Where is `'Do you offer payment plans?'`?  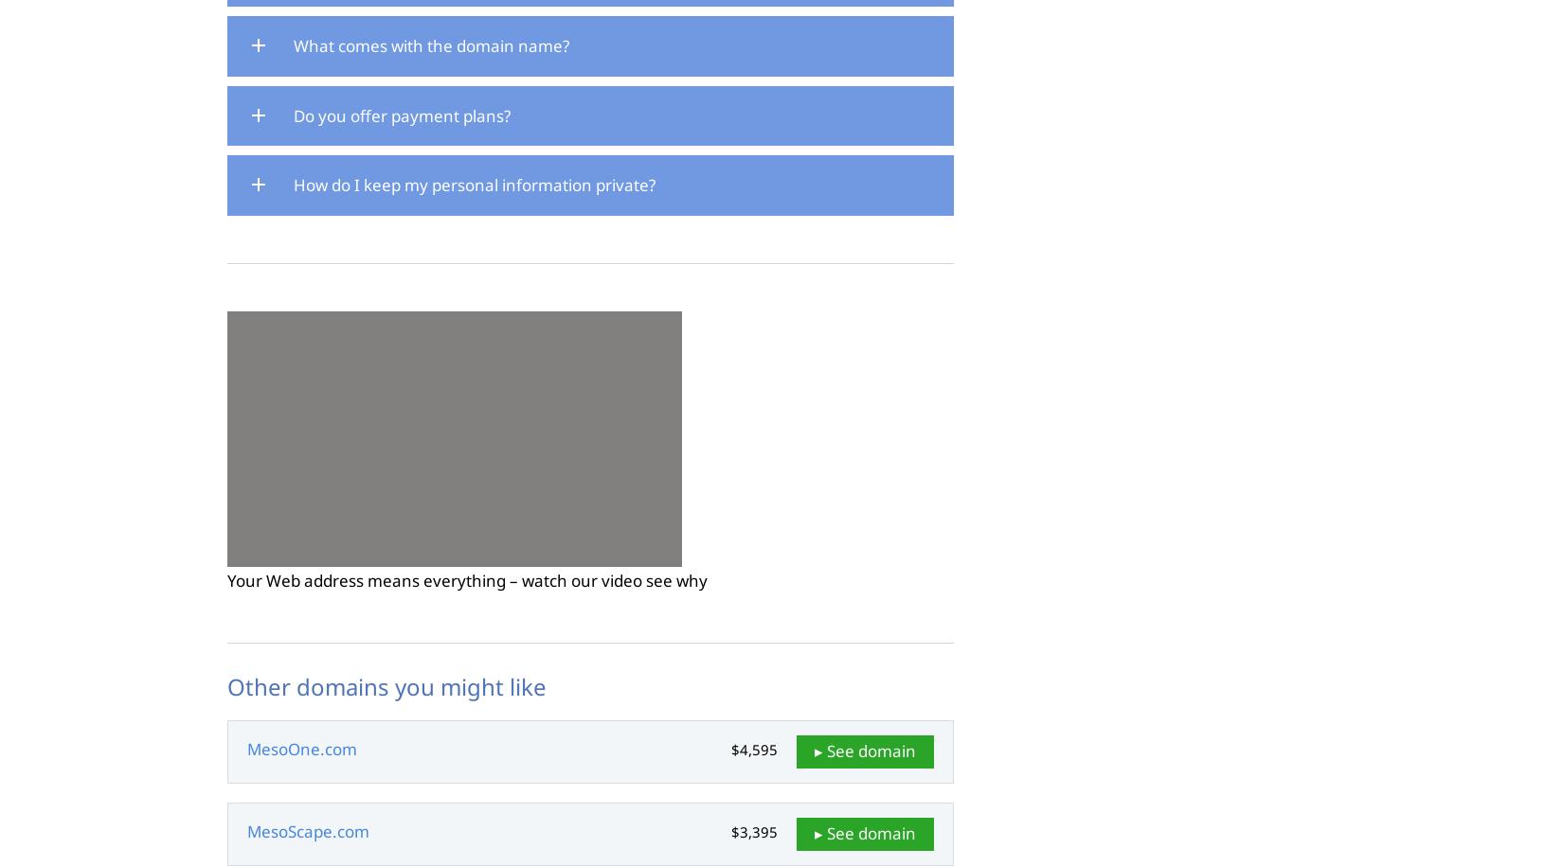 'Do you offer payment plans?' is located at coordinates (401, 115).